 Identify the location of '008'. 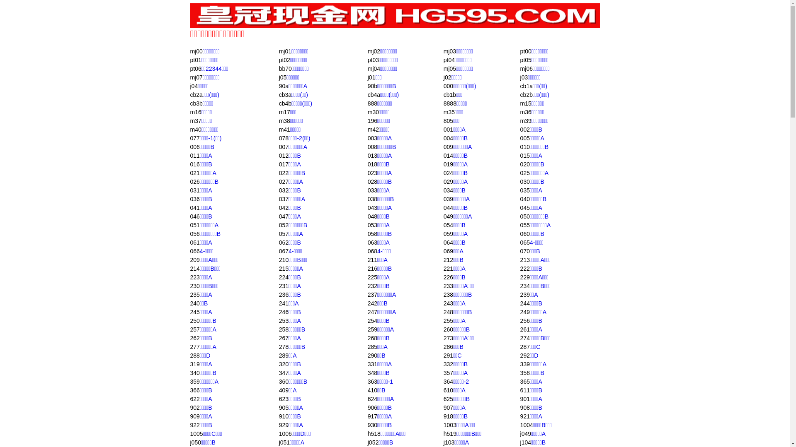
(372, 146).